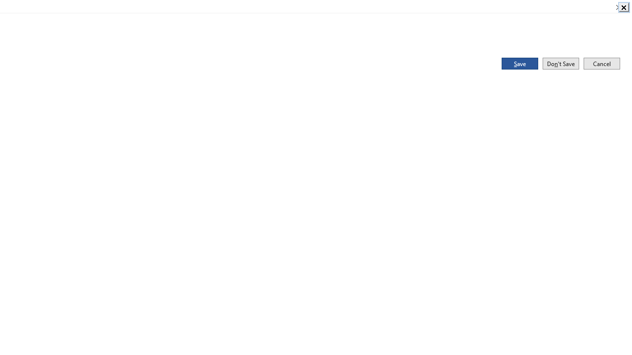  Describe the element at coordinates (601, 63) in the screenshot. I see `'Cancel'` at that location.